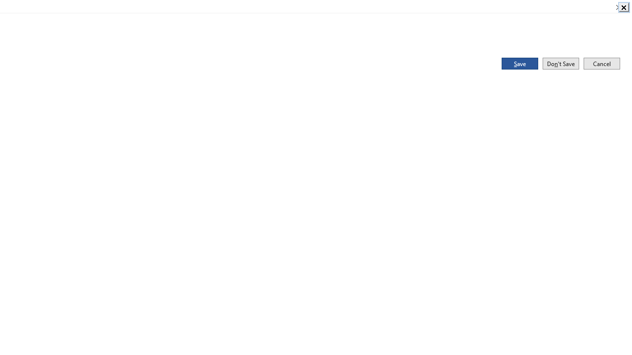  Describe the element at coordinates (601, 63) in the screenshot. I see `'Cancel'` at that location.